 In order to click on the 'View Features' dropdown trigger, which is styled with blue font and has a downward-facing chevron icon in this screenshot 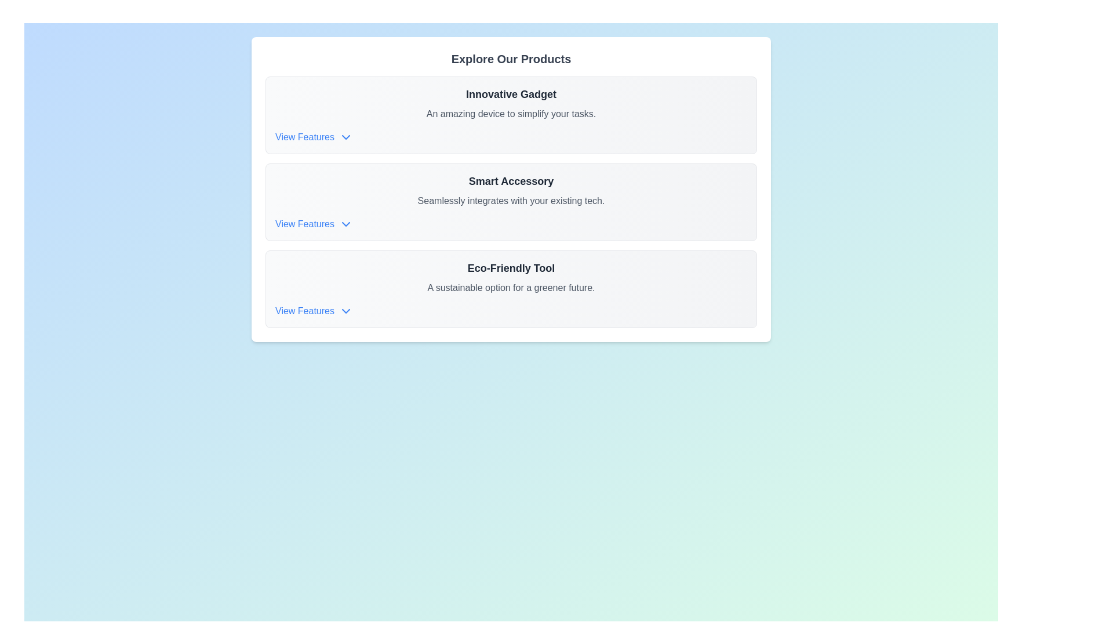, I will do `click(314, 310)`.